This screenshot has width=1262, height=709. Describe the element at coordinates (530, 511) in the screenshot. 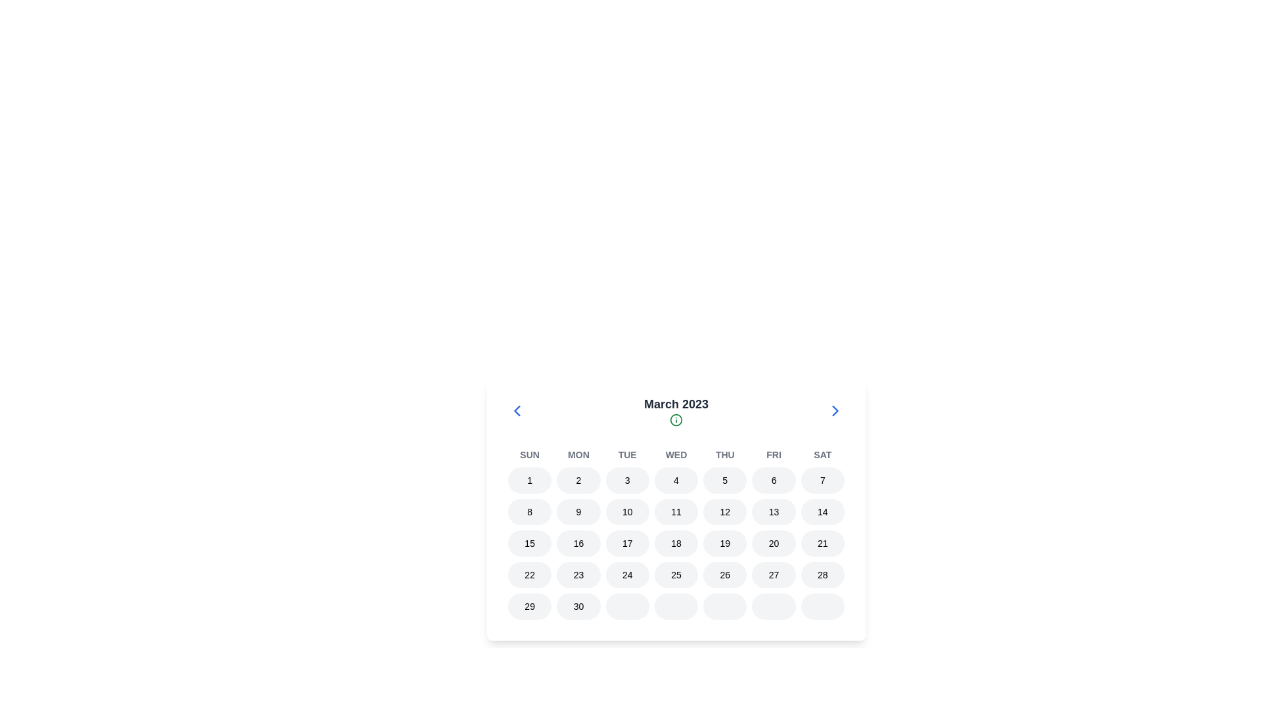

I see `the circular button displaying the number '8' in the second row and first column of the calendar grid` at that location.